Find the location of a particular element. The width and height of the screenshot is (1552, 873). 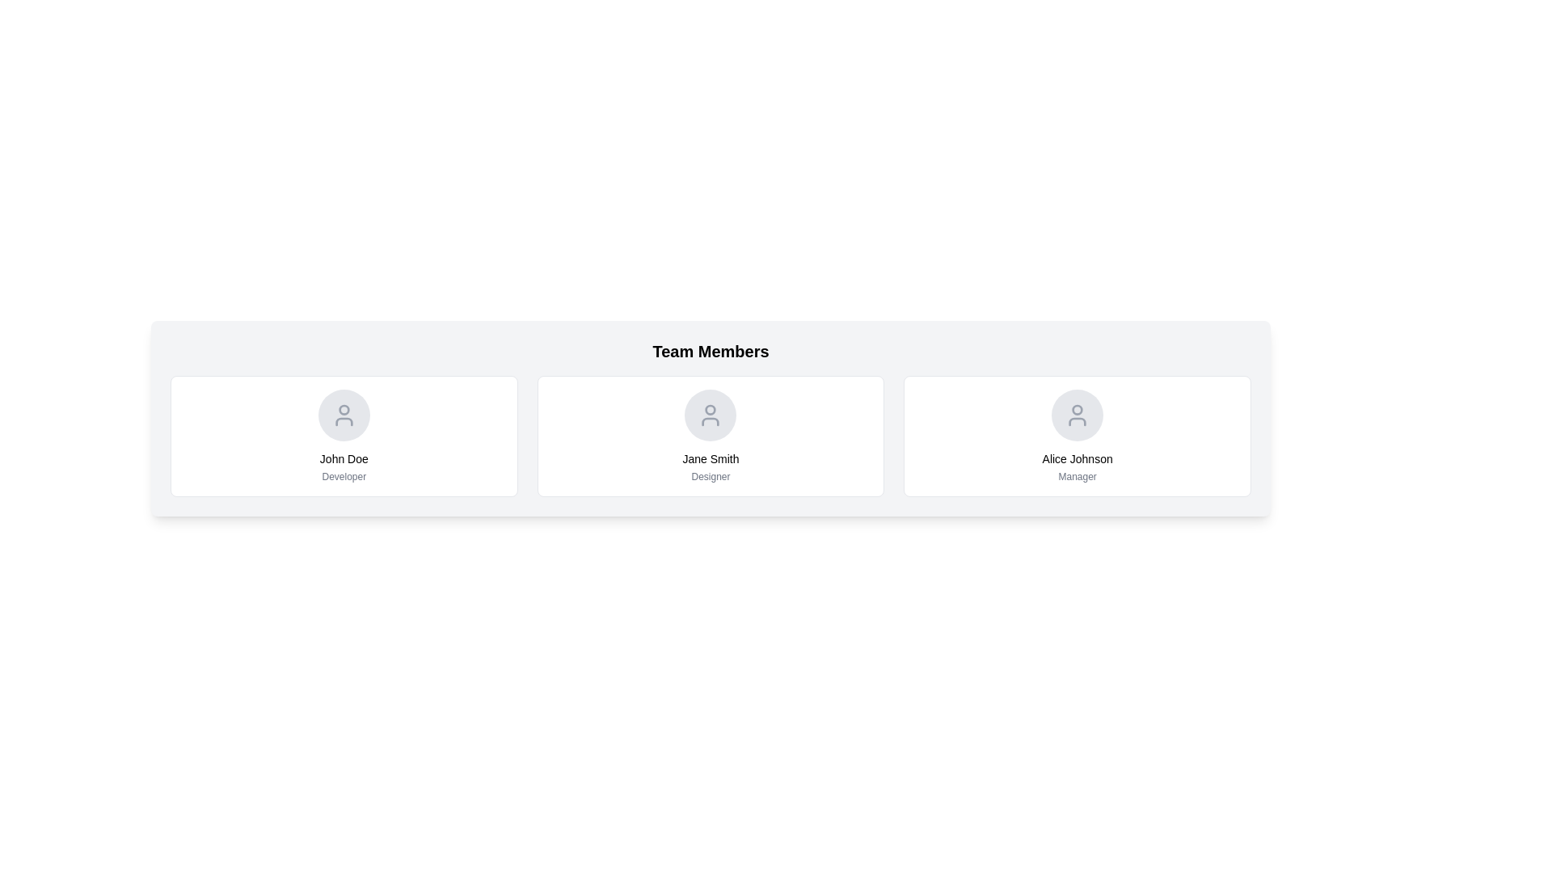

the circular gray icon with a user silhouette located at the top center of the second card containing 'Jane Smith' and 'Designer' is located at coordinates (711, 414).